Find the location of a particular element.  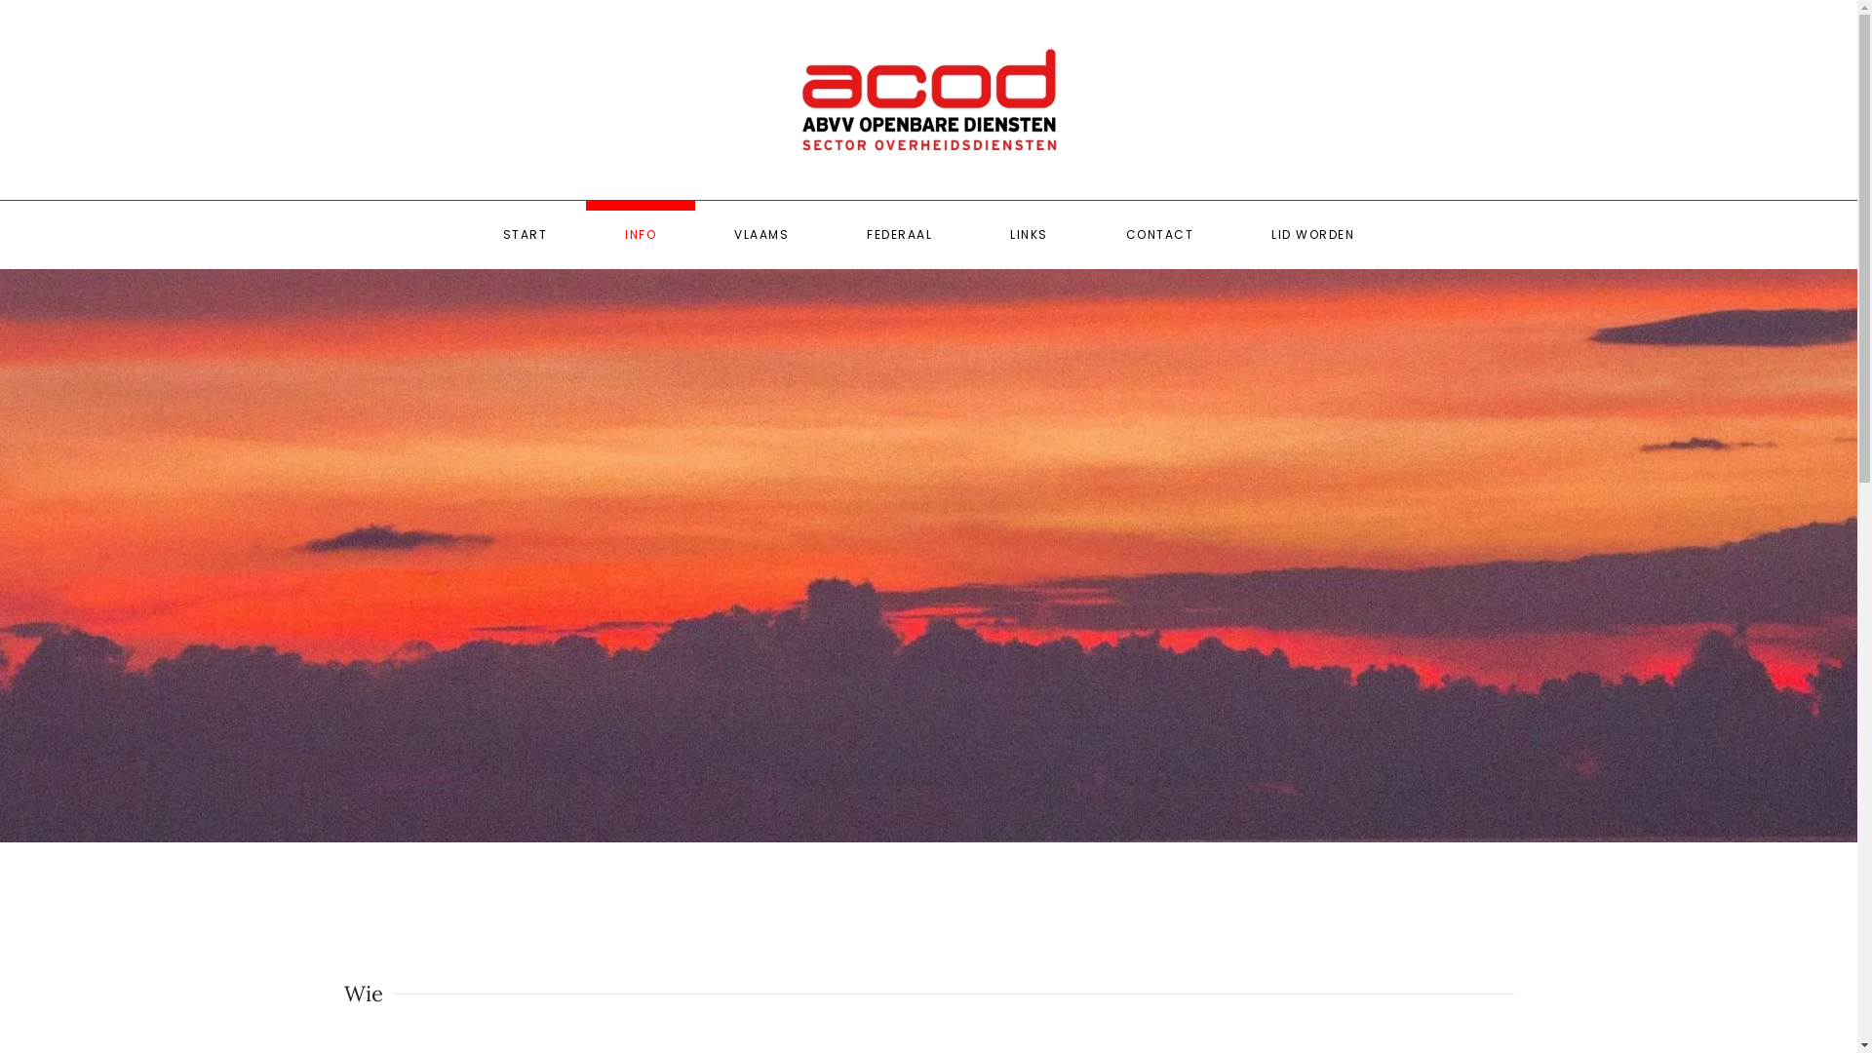

'LID WORDEN' is located at coordinates (1312, 233).